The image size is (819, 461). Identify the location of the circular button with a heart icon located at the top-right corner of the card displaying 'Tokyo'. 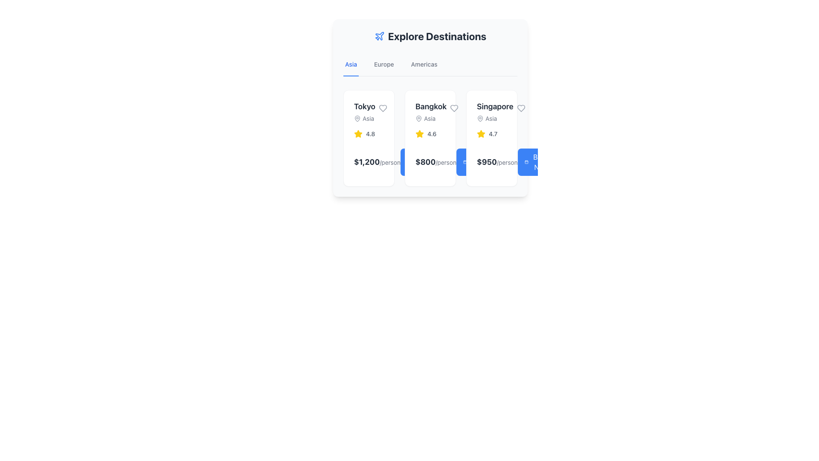
(382, 108).